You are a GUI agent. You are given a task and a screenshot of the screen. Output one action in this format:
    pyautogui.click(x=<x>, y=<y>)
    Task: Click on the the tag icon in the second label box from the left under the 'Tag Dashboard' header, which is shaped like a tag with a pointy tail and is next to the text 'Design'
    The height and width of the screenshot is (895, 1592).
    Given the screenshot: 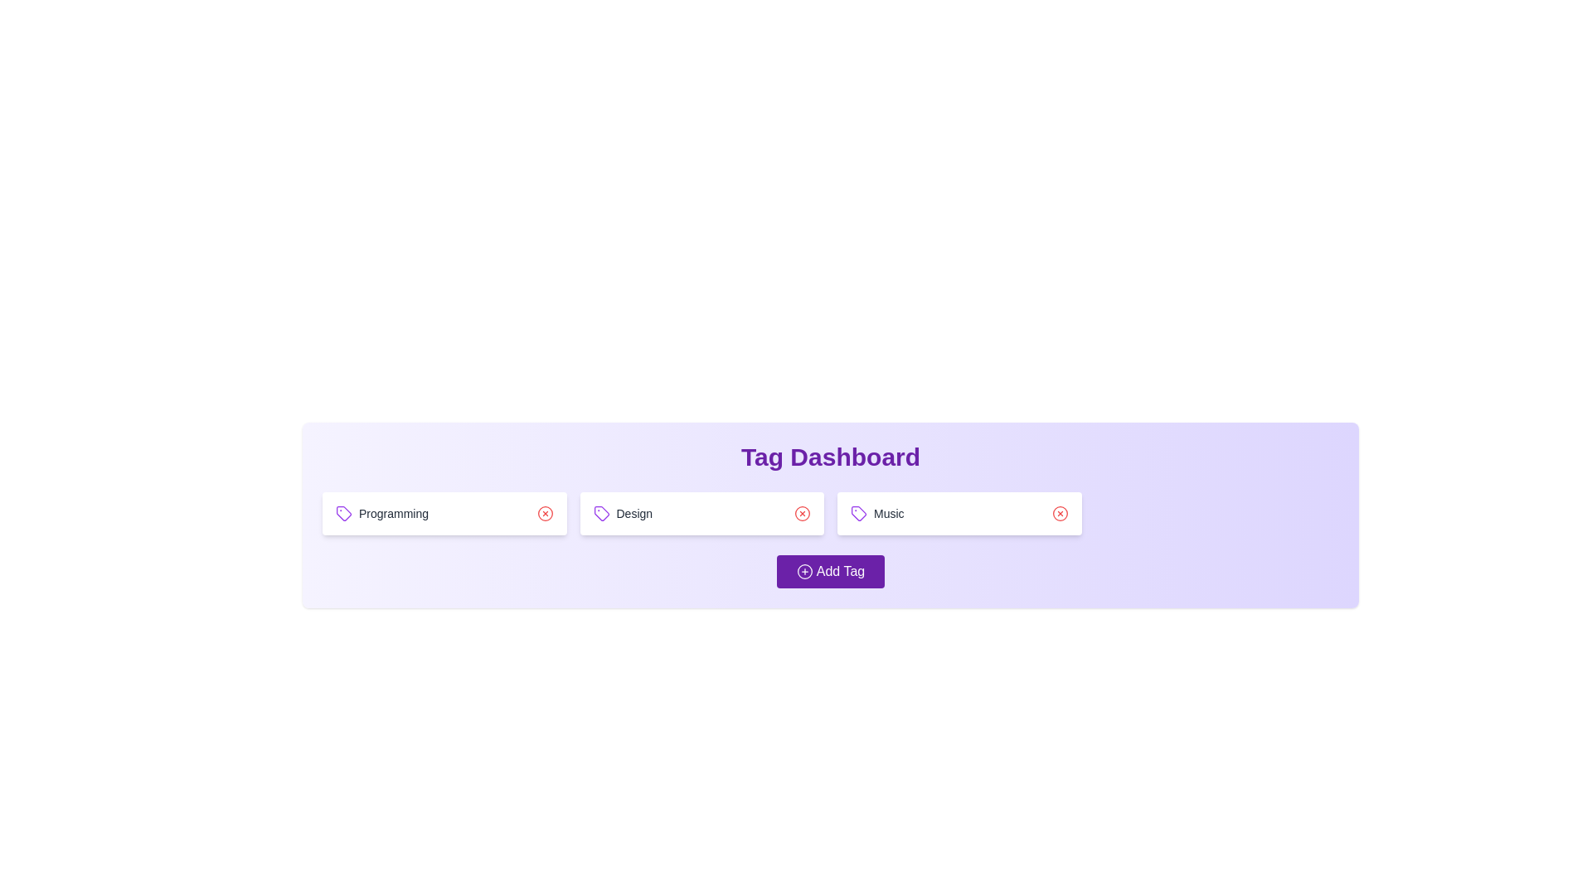 What is the action you would take?
    pyautogui.click(x=600, y=513)
    